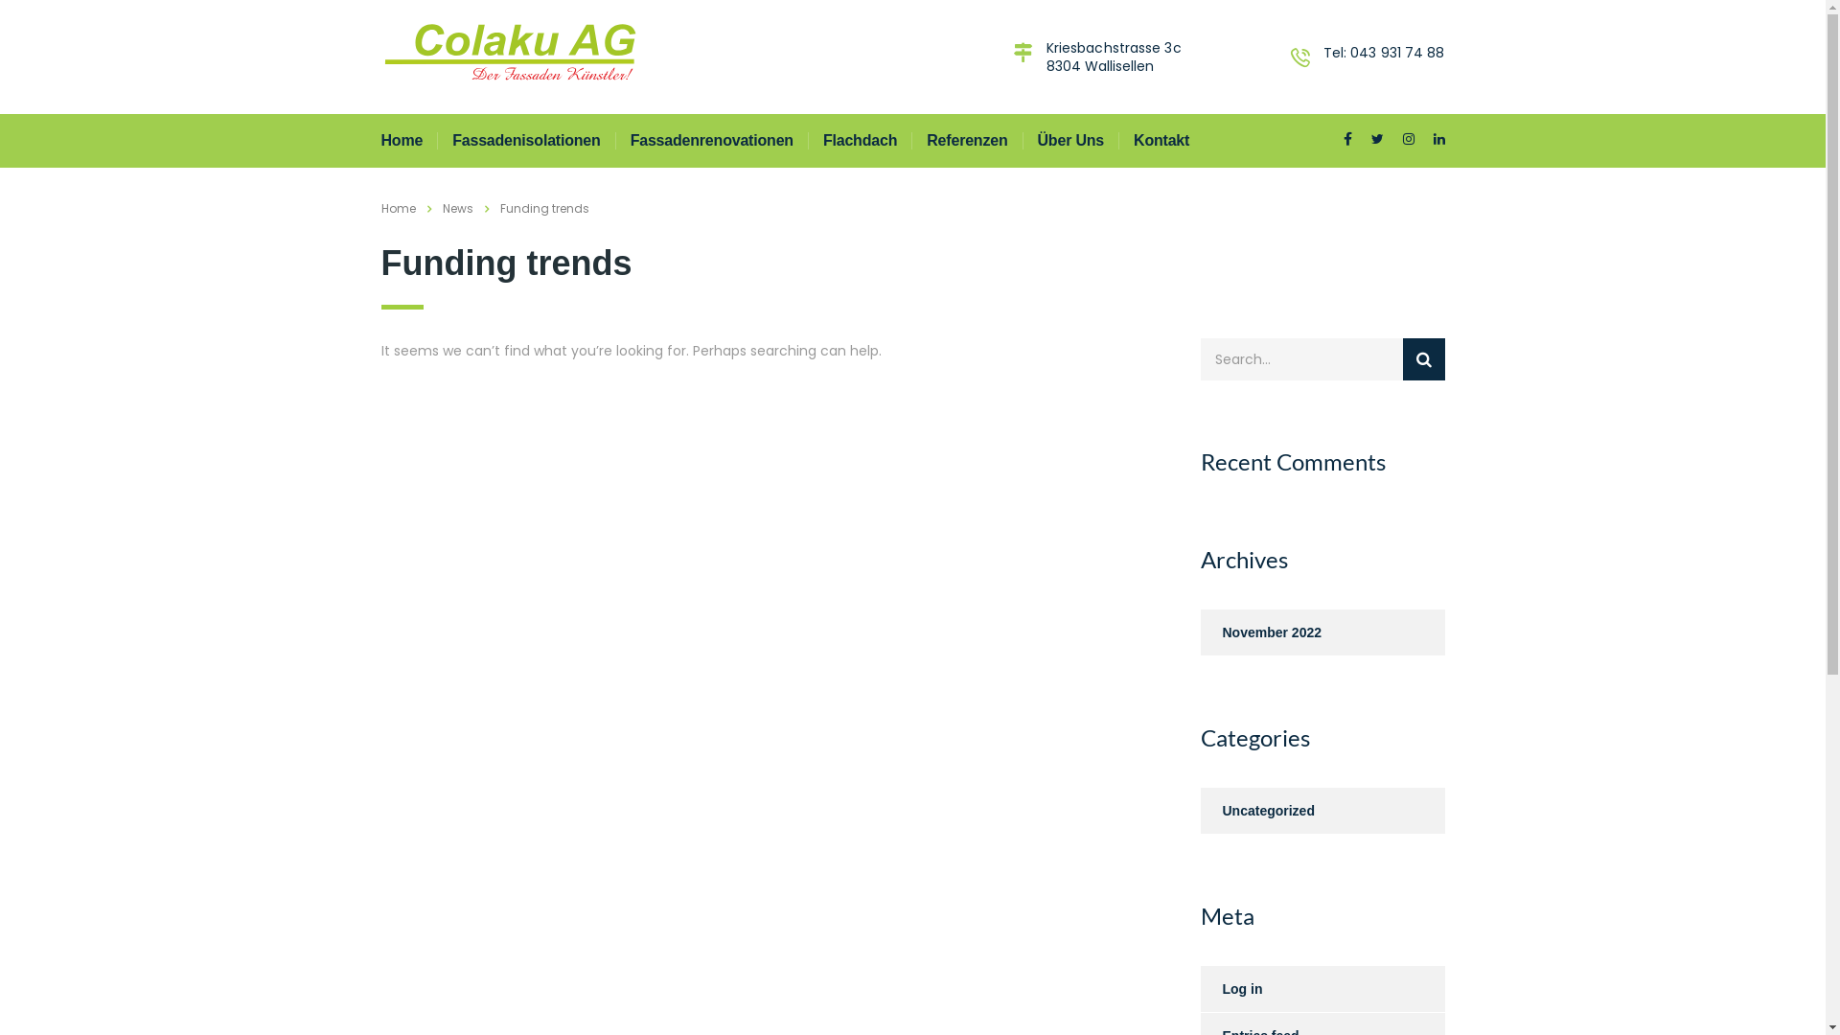 This screenshot has width=1840, height=1035. What do you see at coordinates (1260, 632) in the screenshot?
I see `'November 2022'` at bounding box center [1260, 632].